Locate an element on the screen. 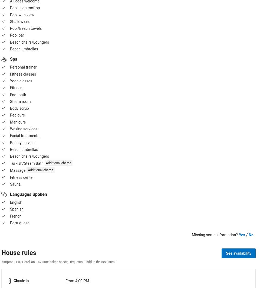 The height and width of the screenshot is (288, 260). 'Portuguese' is located at coordinates (19, 222).